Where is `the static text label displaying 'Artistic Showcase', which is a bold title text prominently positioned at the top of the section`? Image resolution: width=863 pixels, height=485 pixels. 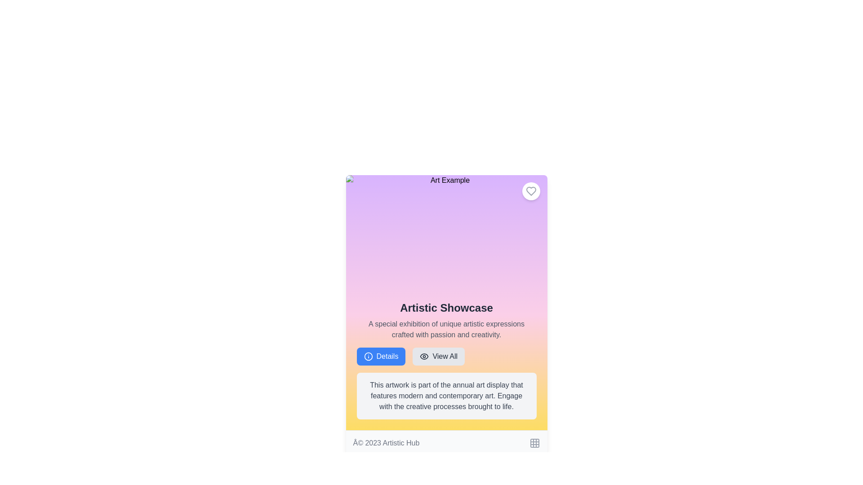 the static text label displaying 'Artistic Showcase', which is a bold title text prominently positioned at the top of the section is located at coordinates (446, 308).